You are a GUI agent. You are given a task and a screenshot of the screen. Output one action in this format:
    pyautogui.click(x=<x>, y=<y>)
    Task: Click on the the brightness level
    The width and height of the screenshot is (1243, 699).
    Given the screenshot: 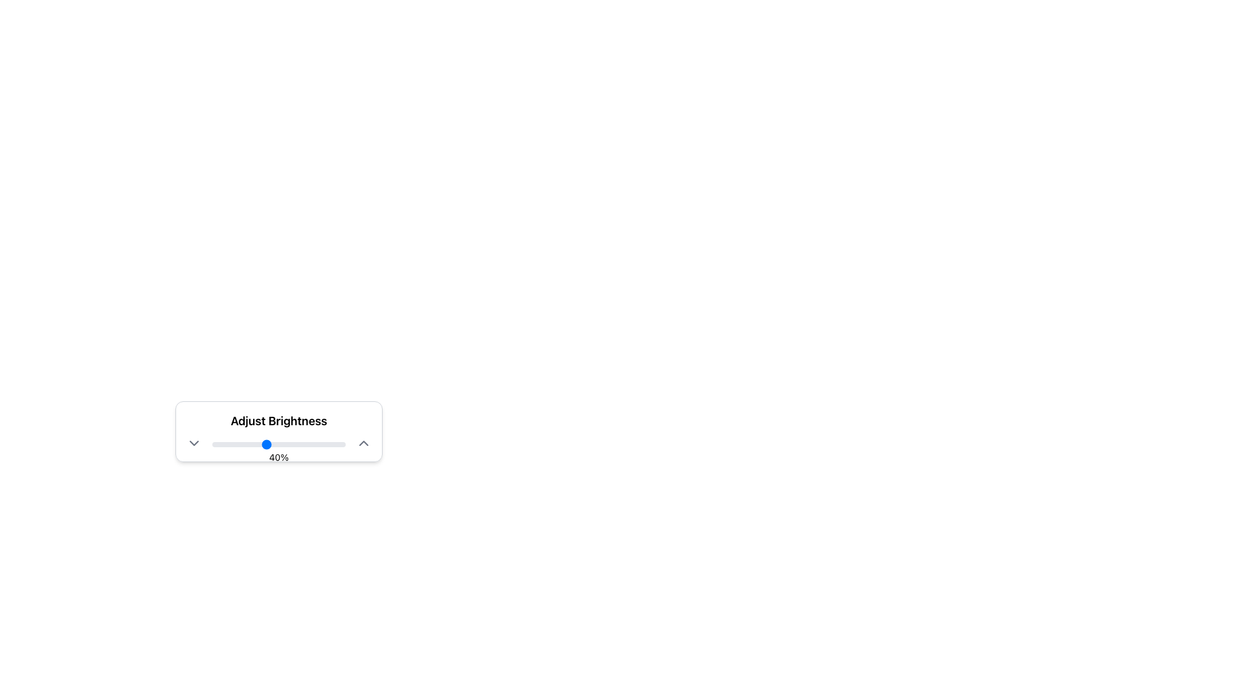 What is the action you would take?
    pyautogui.click(x=316, y=443)
    